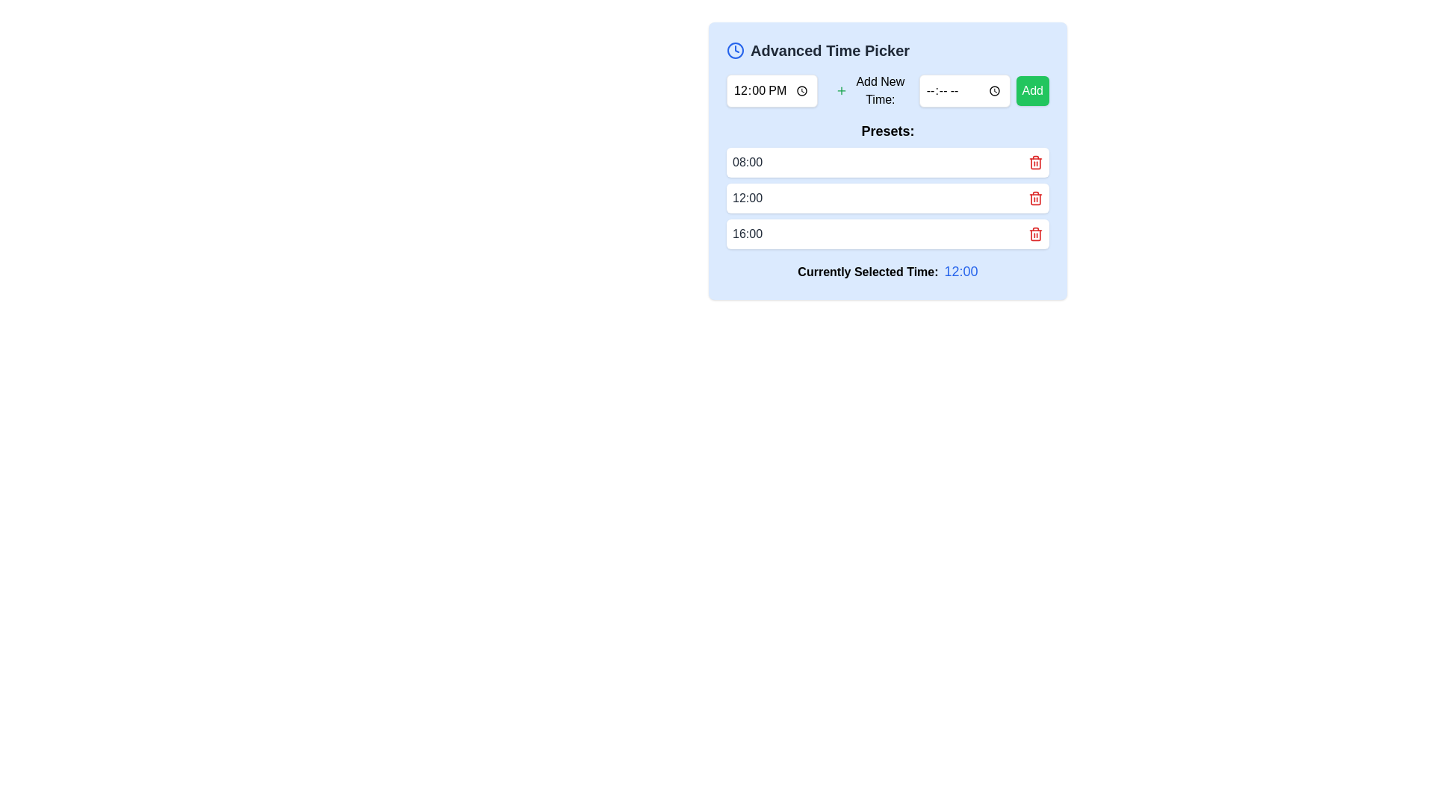 This screenshot has width=1434, height=806. I want to click on the leftmost icon in the 'Add New Time' group, which functions as a button for adding an item, so click(841, 91).